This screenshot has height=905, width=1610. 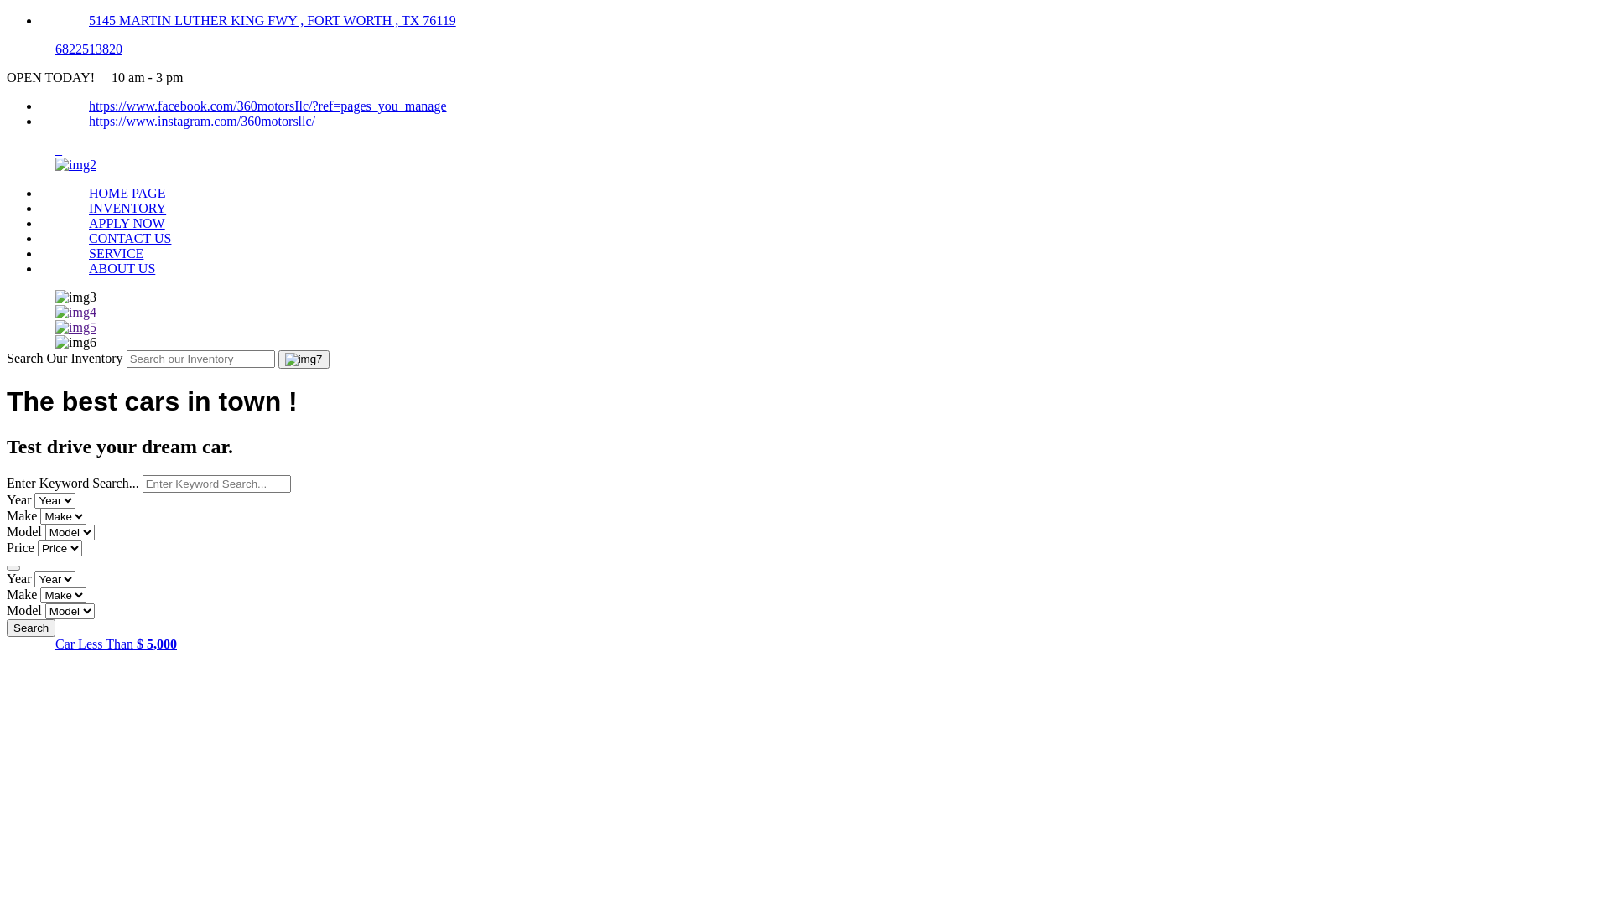 I want to click on 'https://www.instagram.com/360motorsllc/', so click(x=201, y=120).